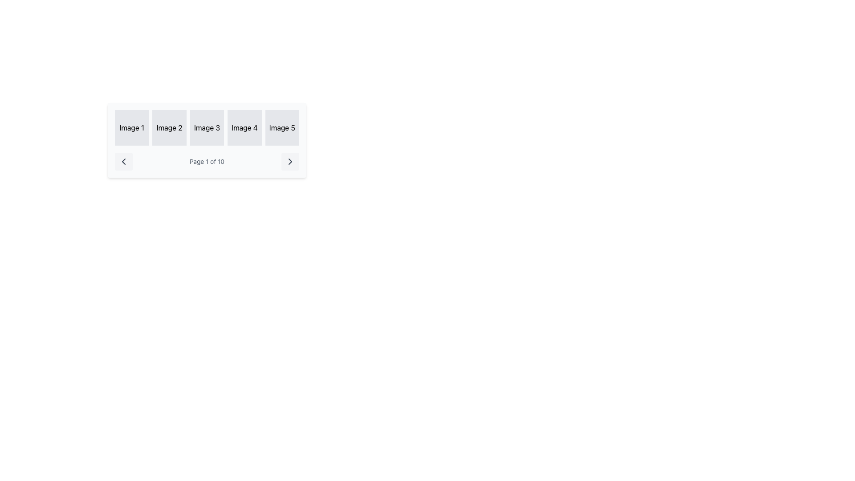 This screenshot has height=481, width=855. I want to click on the first image placeholder labeled 'Image 1' in the top-left corner of the grid, so click(131, 127).